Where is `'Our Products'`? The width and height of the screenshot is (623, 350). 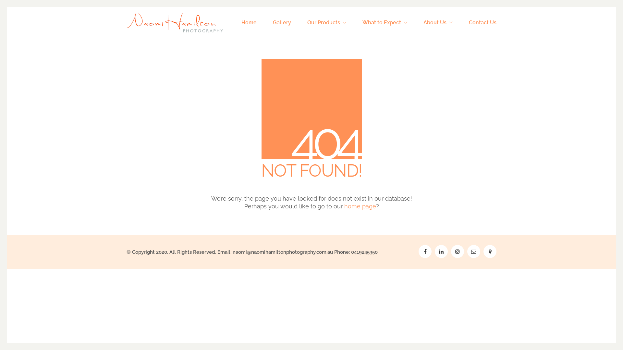
'Our Products' is located at coordinates (307, 22).